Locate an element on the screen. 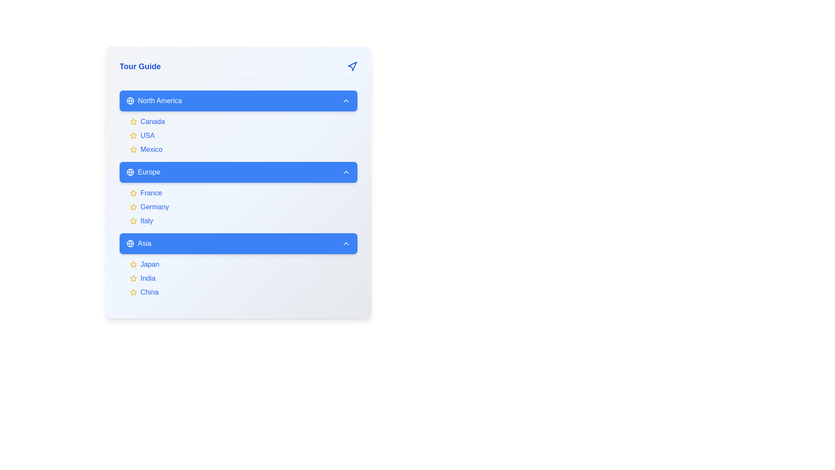  the inner vertical elliptical line of the globe icon located next to the 'Asia' label is located at coordinates (130, 243).